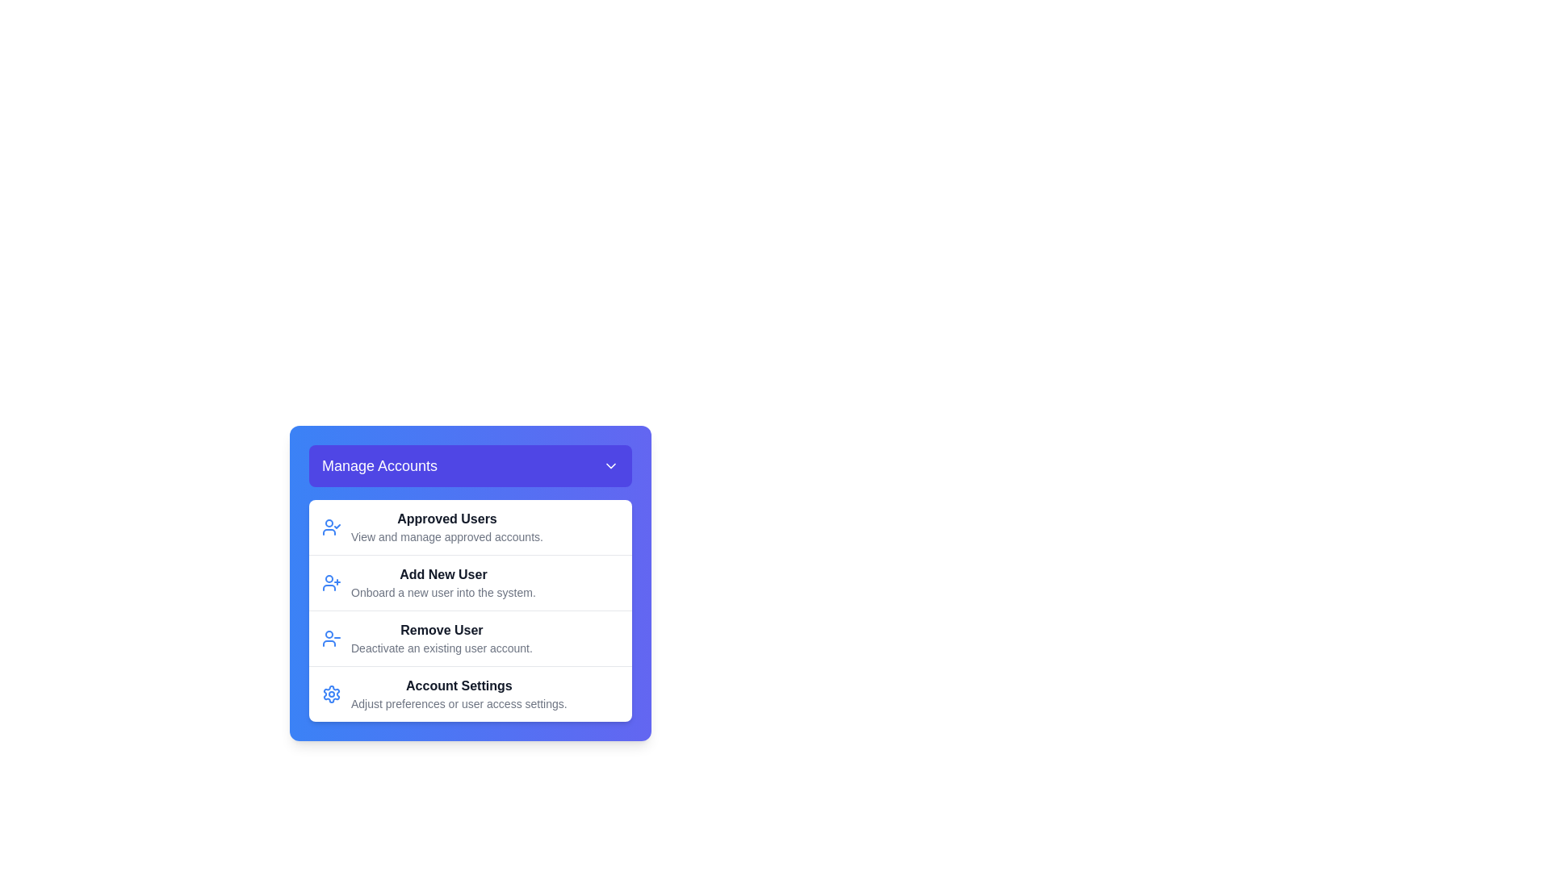 The height and width of the screenshot is (871, 1550). Describe the element at coordinates (331, 527) in the screenshot. I see `the user icon with a checkmark indicating approval located in the 'Approved Users' section of the 'Manage Accounts' interface` at that location.